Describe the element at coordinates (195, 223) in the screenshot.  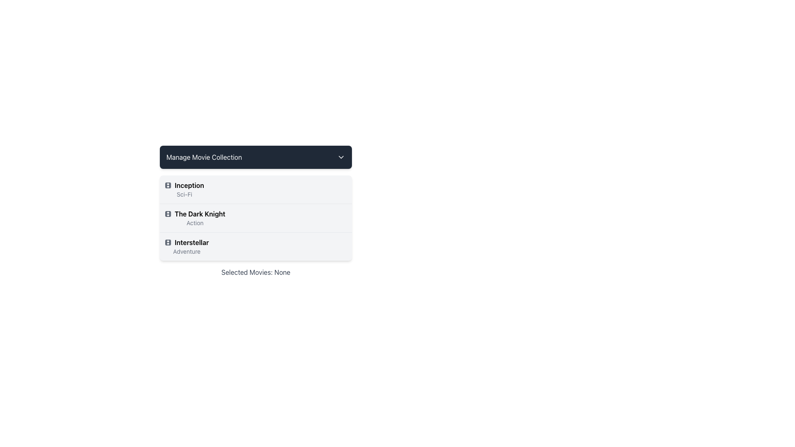
I see `the text label displaying 'Action', which is styled in a smaller gray font and positioned directly below 'The Dark Knight'` at that location.